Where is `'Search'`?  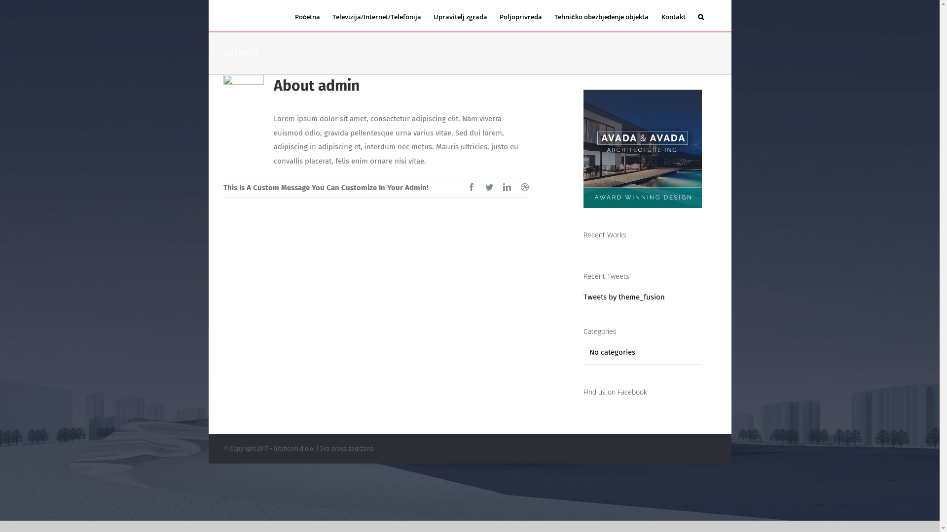 'Search' is located at coordinates (700, 15).